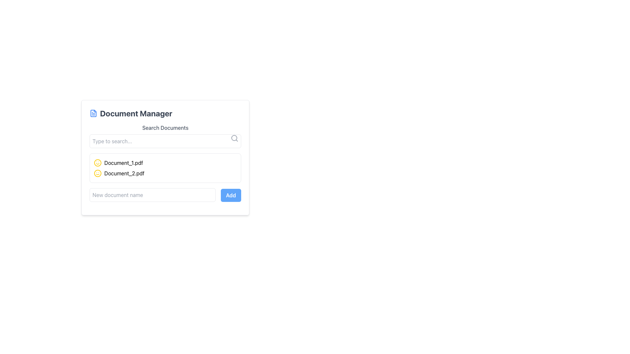  Describe the element at coordinates (165, 163) in the screenshot. I see `the first file entry in the Document Manager labeled 'Document_1.pdf'` at that location.